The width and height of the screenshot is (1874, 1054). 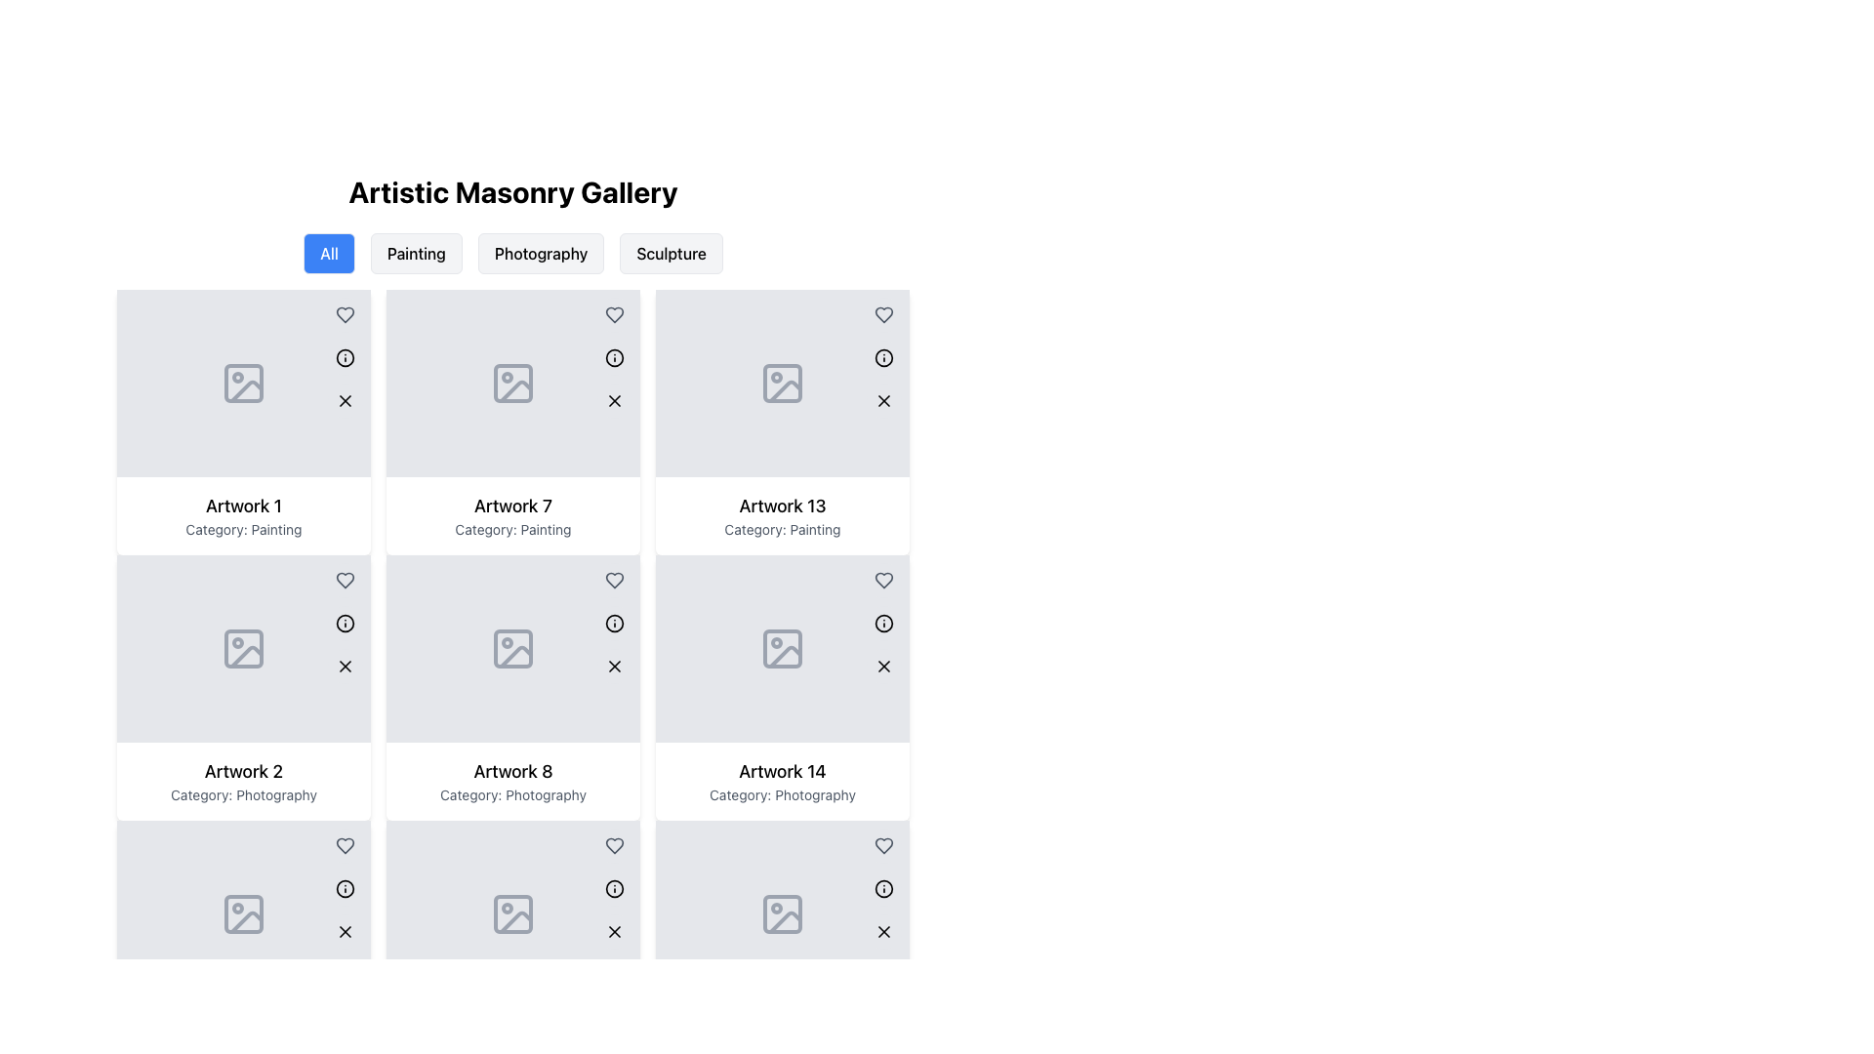 I want to click on the gray-colored image icon with a mountains and sun symbol in the top-left corner of the grid layout for 'Artwork 1 (Category: Painting)', so click(x=242, y=384).